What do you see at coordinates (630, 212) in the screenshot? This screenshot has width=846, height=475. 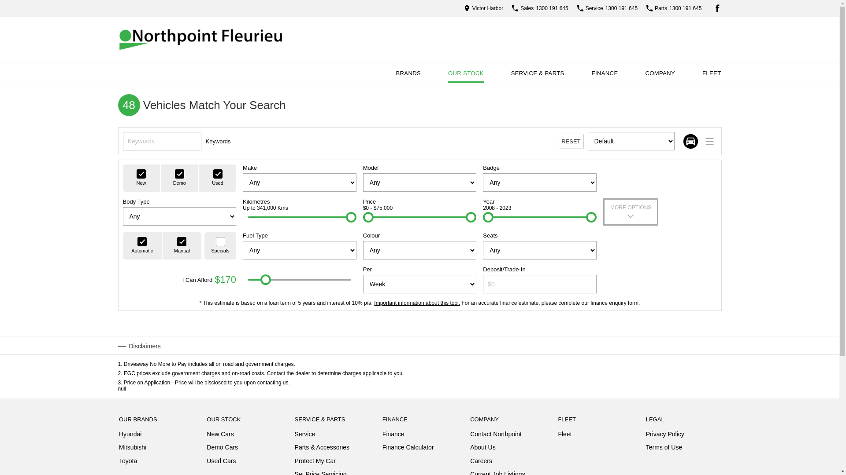 I see `'MORE OPTIONS'` at bounding box center [630, 212].